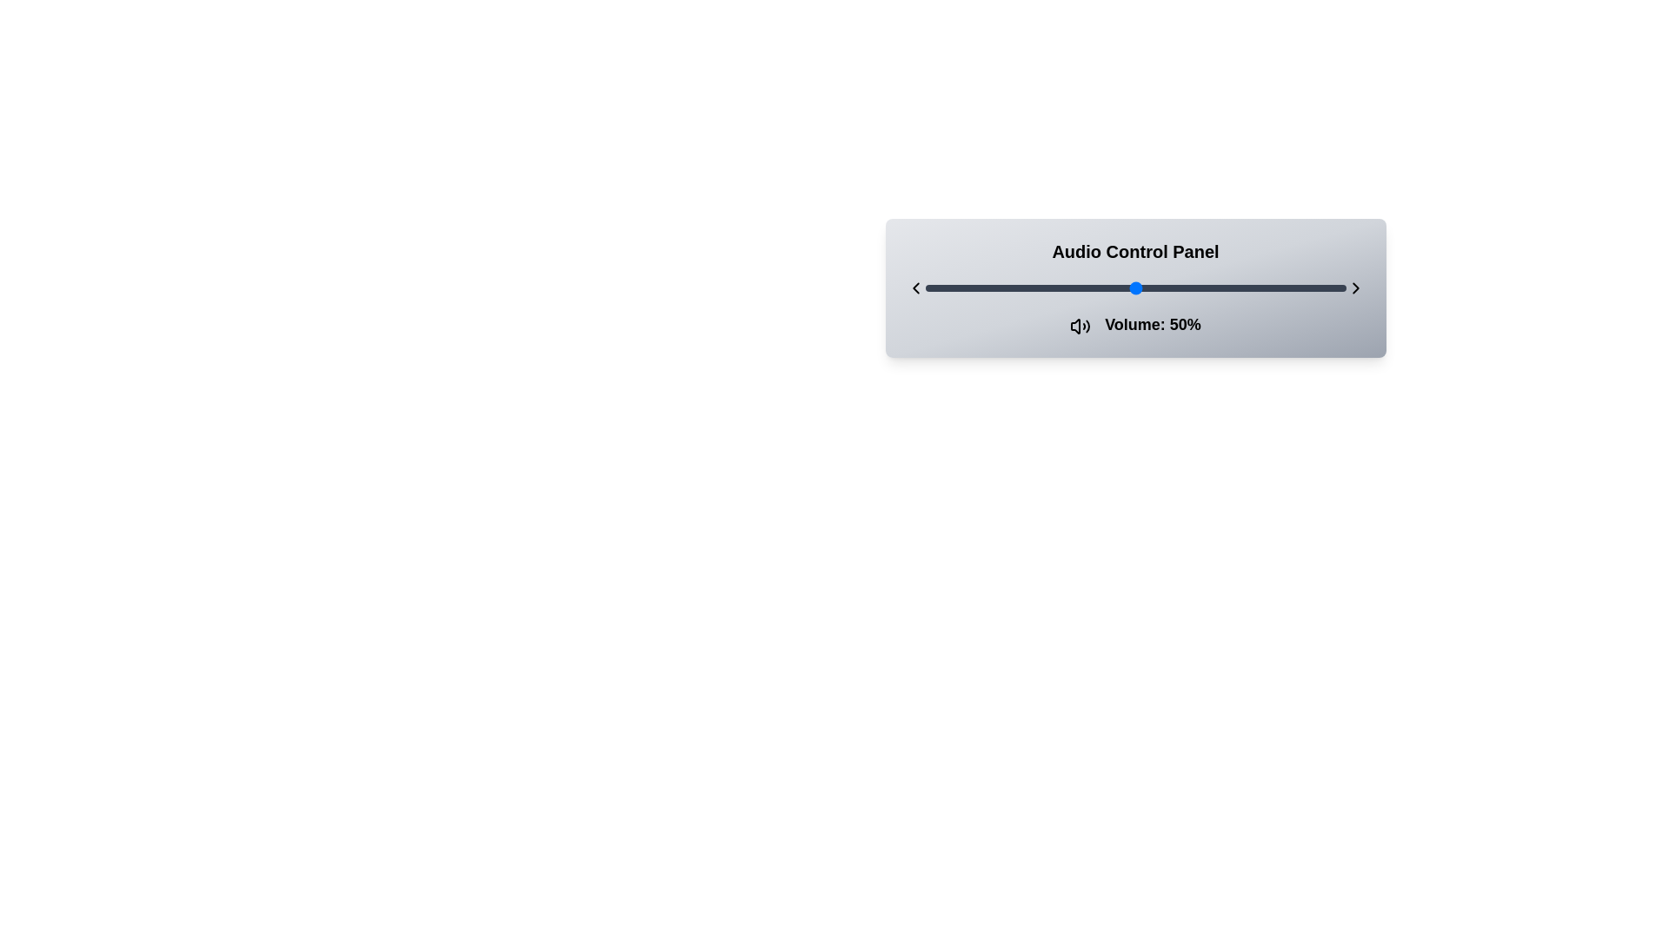 This screenshot has height=938, width=1669. Describe the element at coordinates (1194, 287) in the screenshot. I see `the volume` at that location.